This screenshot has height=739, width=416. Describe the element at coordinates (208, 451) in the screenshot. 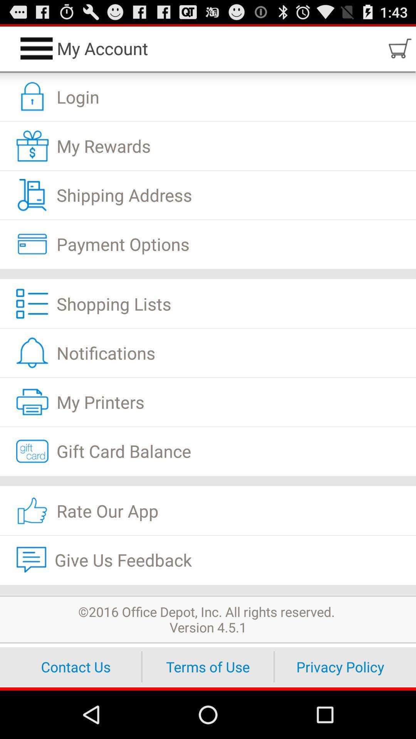

I see `app below the my printers app` at that location.